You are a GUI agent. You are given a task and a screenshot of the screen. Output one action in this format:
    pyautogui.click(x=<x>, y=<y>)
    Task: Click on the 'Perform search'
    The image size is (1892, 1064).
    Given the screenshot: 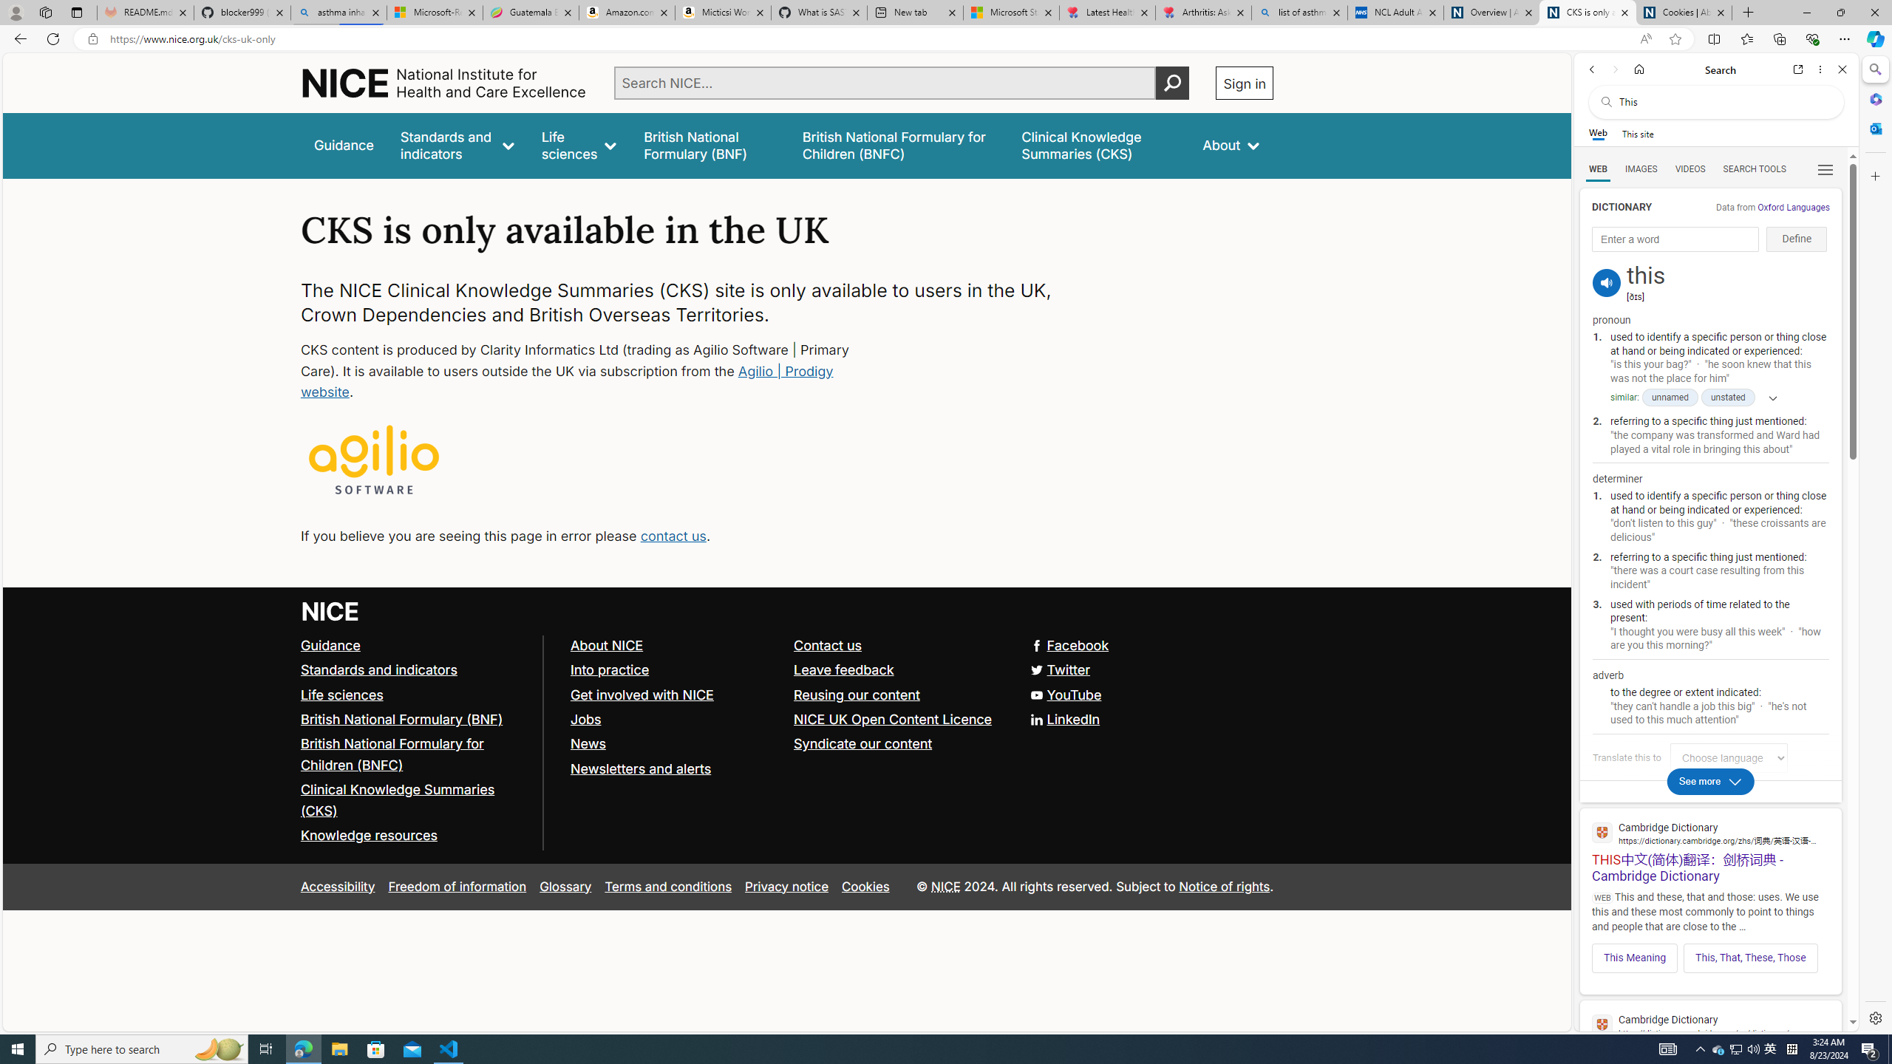 What is the action you would take?
    pyautogui.click(x=1172, y=82)
    